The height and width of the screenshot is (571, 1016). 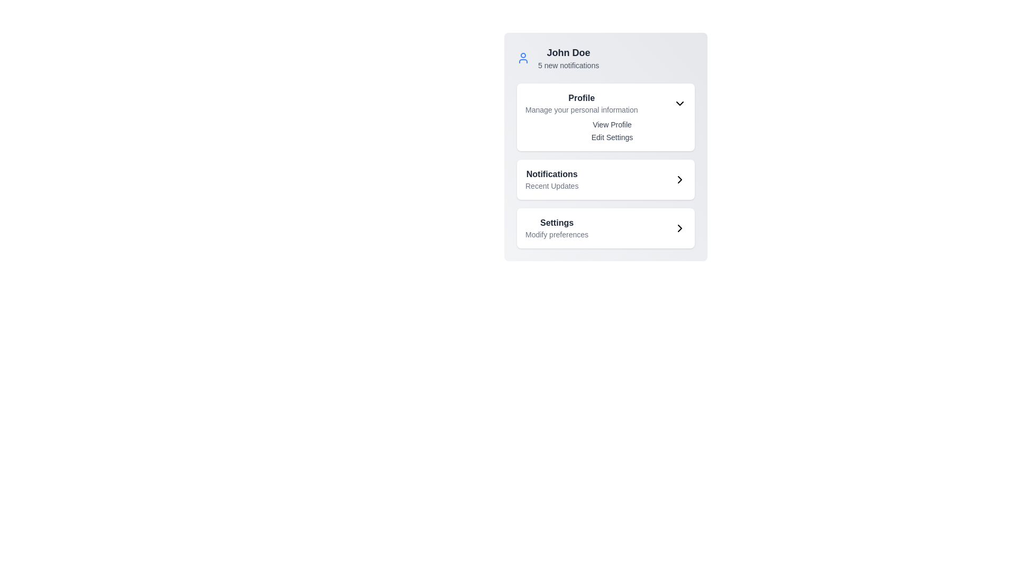 I want to click on the Text Label that serves as a title and descriptor for a settings-related option, located below the 'Notifications' section and above a rightward arrow icon, so click(x=556, y=228).